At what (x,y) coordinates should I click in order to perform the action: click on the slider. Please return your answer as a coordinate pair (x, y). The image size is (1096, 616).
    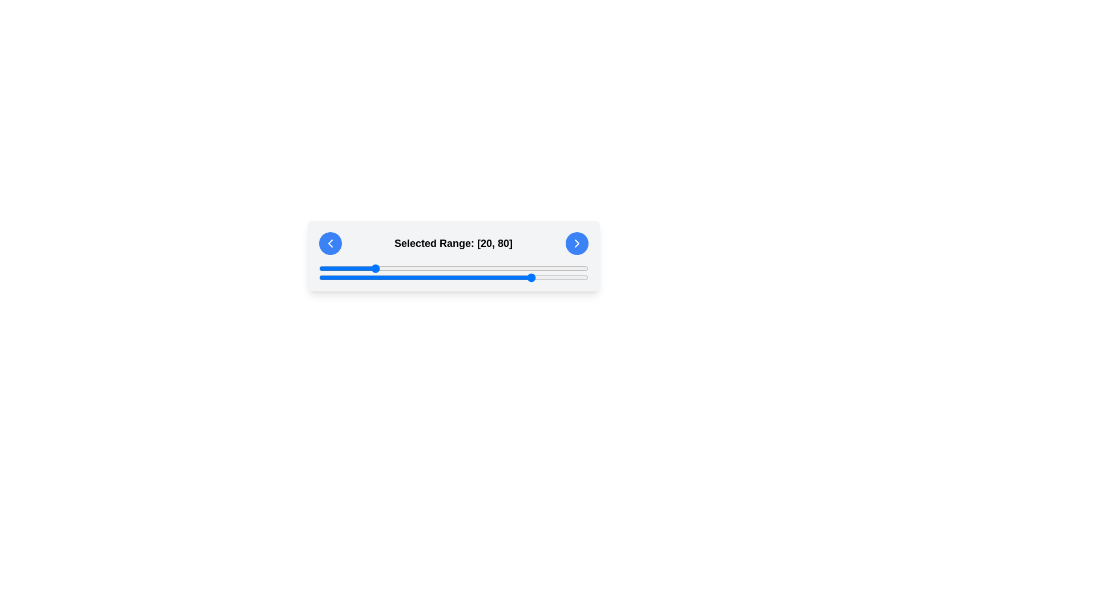
    Looking at the image, I should click on (437, 277).